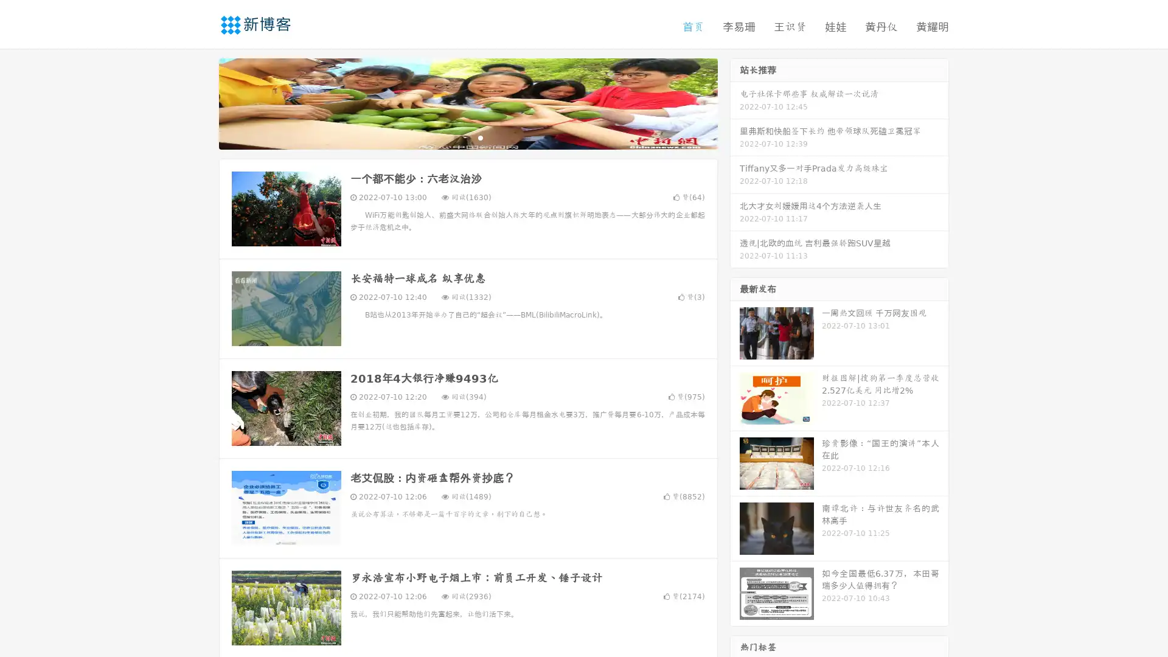  I want to click on Go to slide 3, so click(480, 137).